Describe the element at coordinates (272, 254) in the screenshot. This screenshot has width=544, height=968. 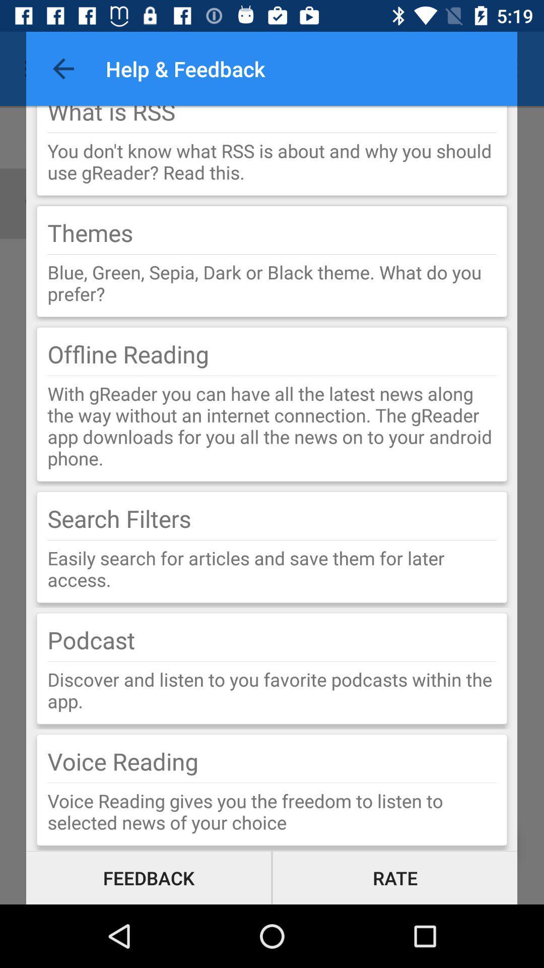
I see `the item above the blue green sepia` at that location.